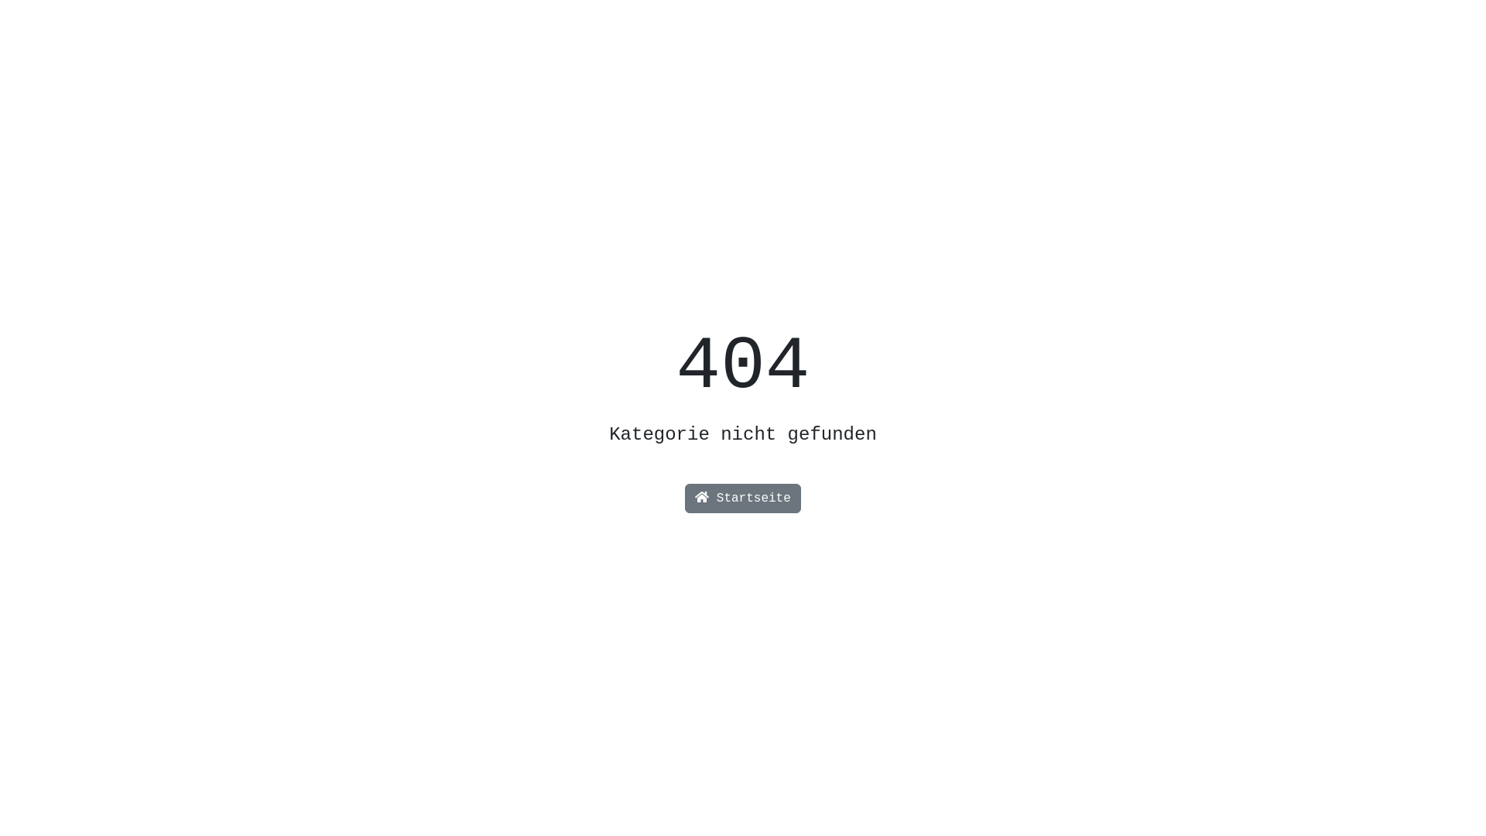 This screenshot has height=836, width=1486. What do you see at coordinates (683, 499) in the screenshot?
I see `'Startseite'` at bounding box center [683, 499].